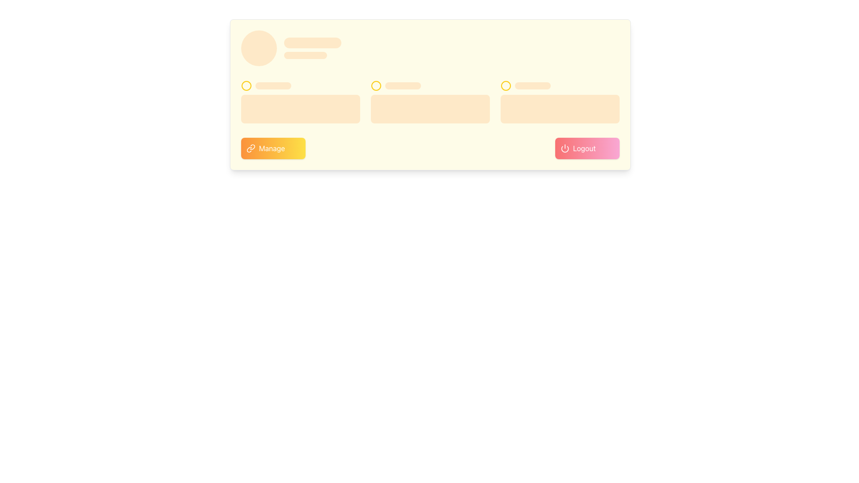 Image resolution: width=859 pixels, height=483 pixels. Describe the element at coordinates (376, 86) in the screenshot. I see `the vibrant yellow circular icon with a thin stroke, which is the first in a sequence of three similar elements, located towards the upper middle of the interface` at that location.